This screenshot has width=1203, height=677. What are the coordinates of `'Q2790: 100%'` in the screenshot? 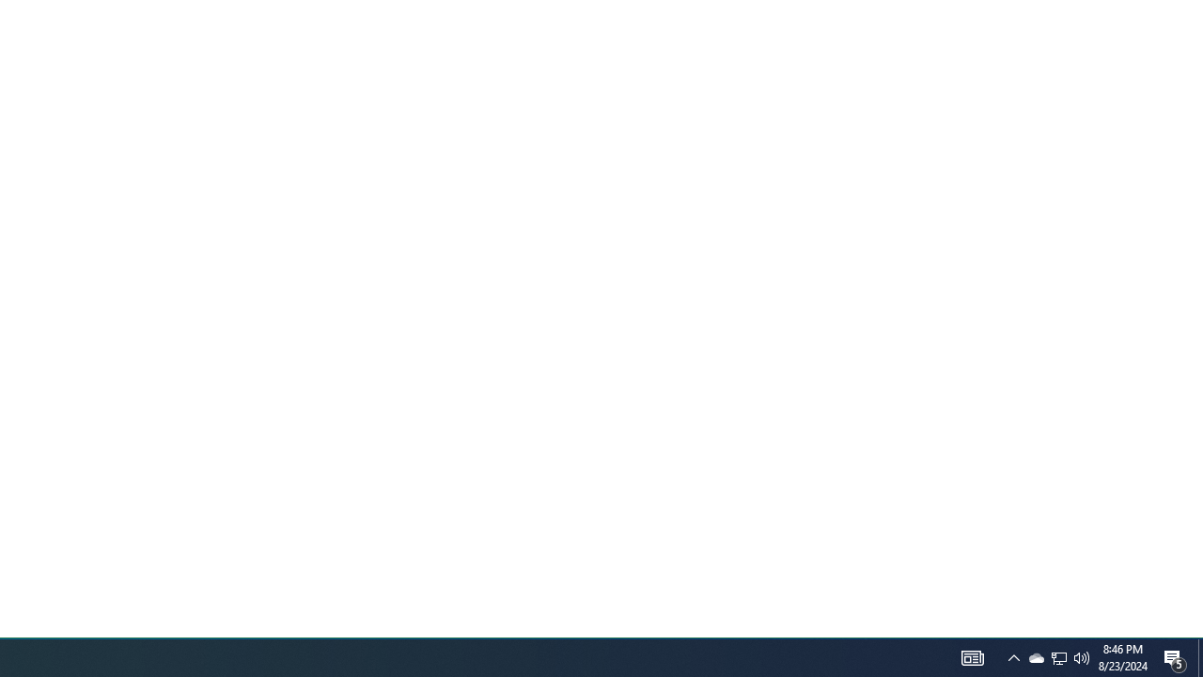 It's located at (1082, 656).